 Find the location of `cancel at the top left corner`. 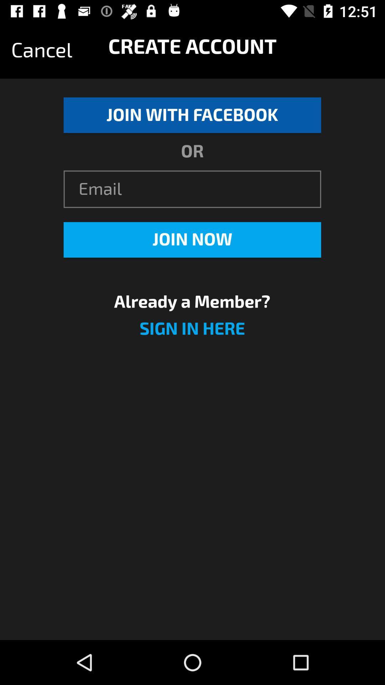

cancel at the top left corner is located at coordinates (42, 50).